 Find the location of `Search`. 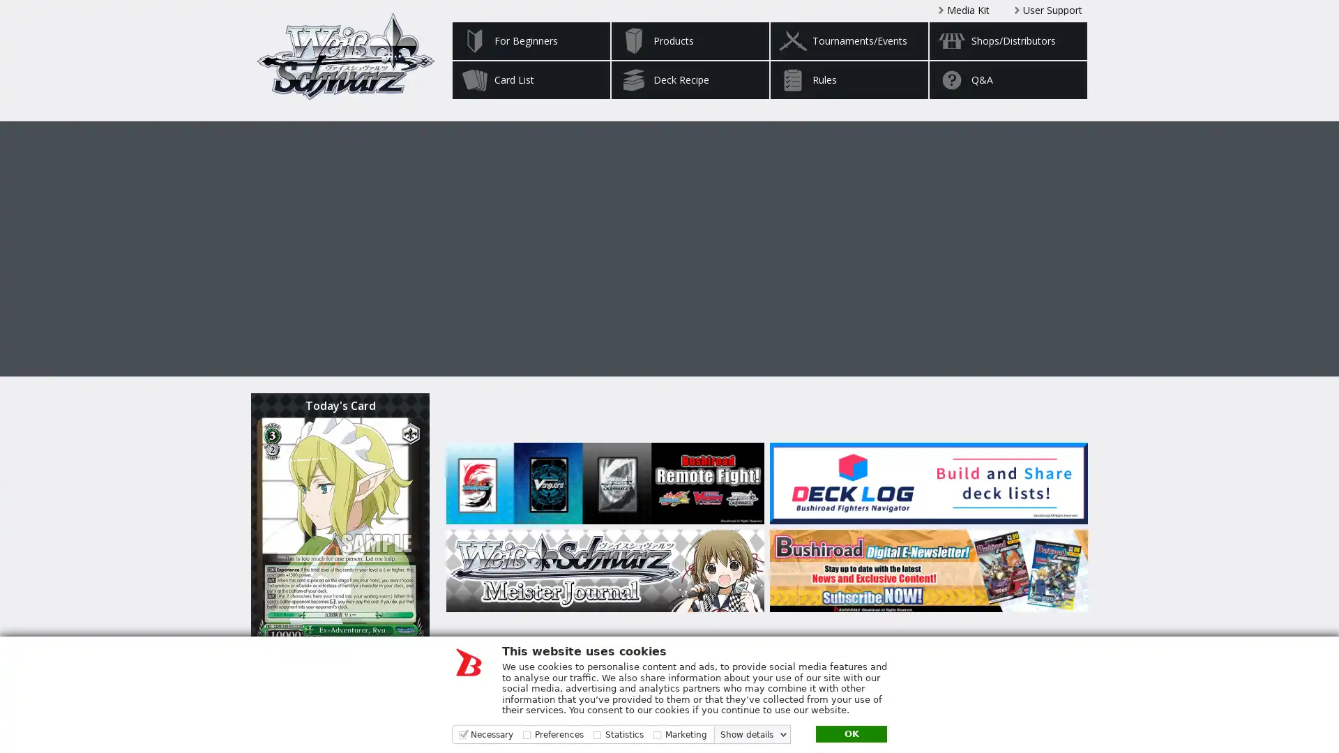

Search is located at coordinates (1057, 707).